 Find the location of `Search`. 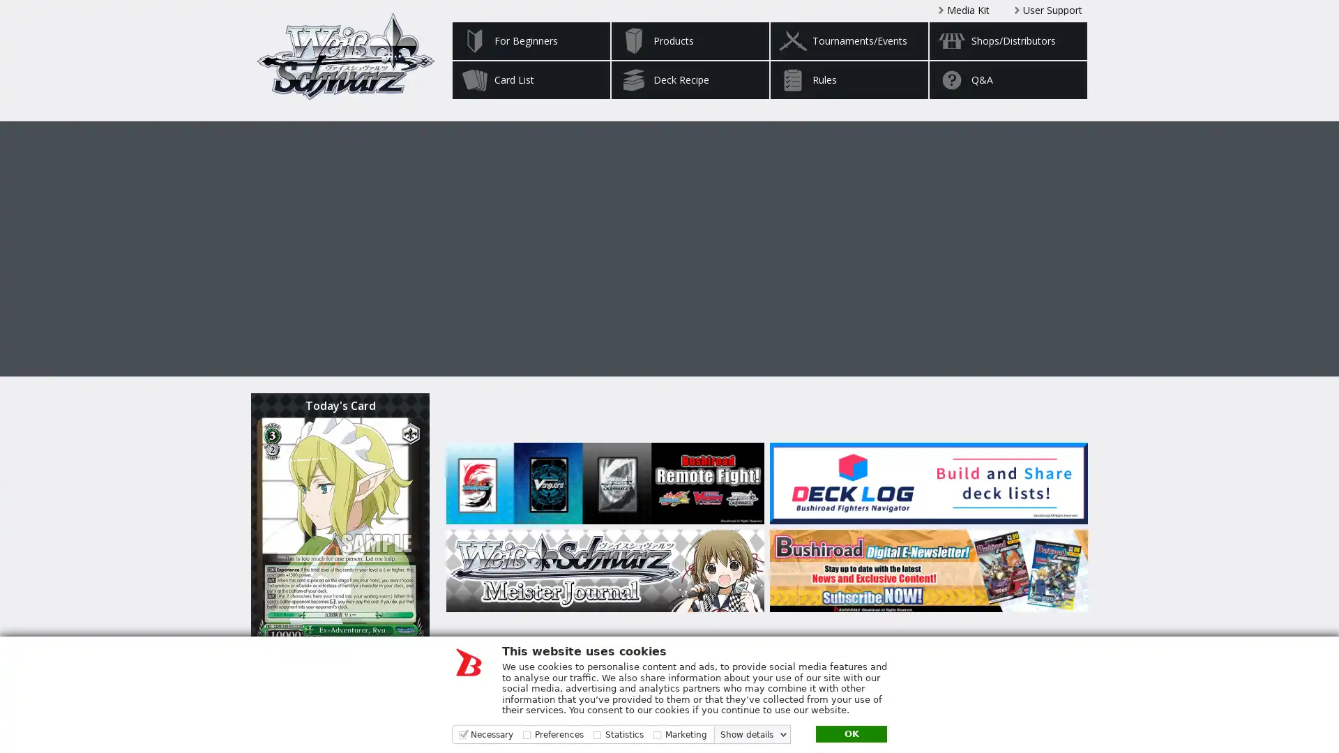

Search is located at coordinates (1057, 707).